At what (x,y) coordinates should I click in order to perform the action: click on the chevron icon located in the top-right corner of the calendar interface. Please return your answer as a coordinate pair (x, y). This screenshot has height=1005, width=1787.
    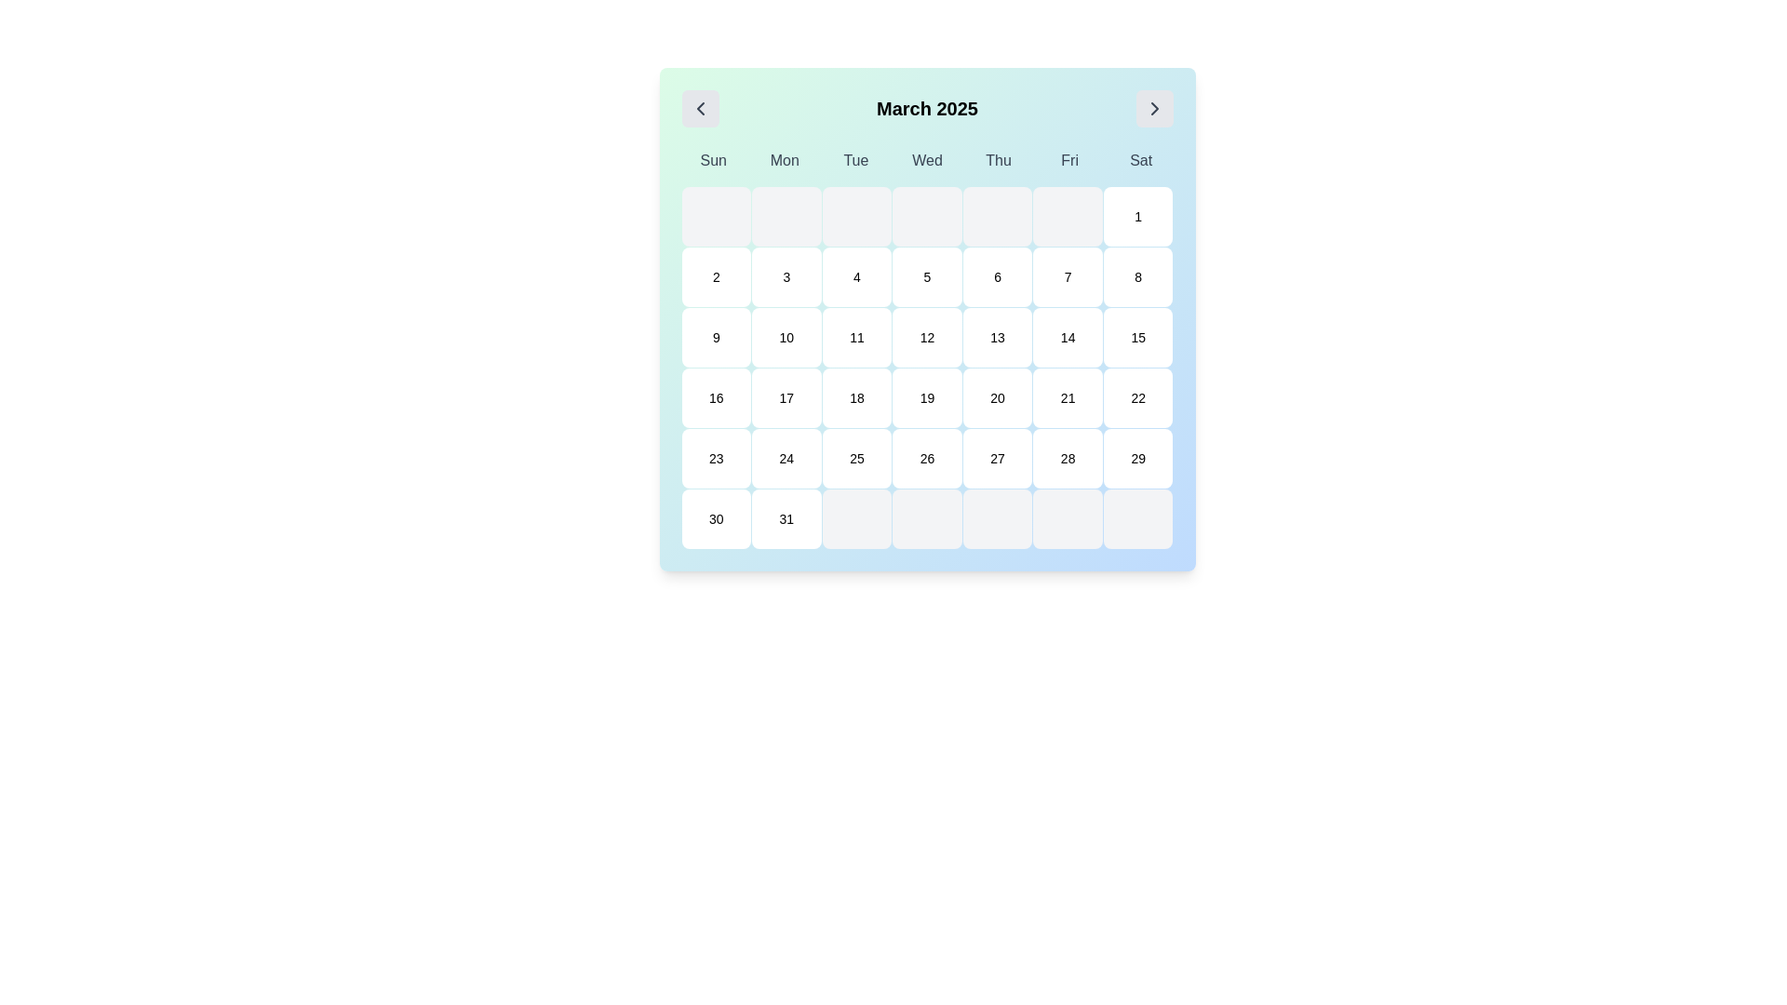
    Looking at the image, I should click on (1153, 108).